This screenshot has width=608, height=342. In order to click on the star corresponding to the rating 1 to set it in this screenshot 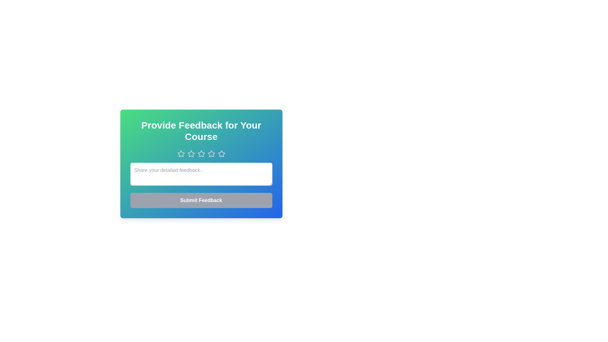, I will do `click(180, 154)`.